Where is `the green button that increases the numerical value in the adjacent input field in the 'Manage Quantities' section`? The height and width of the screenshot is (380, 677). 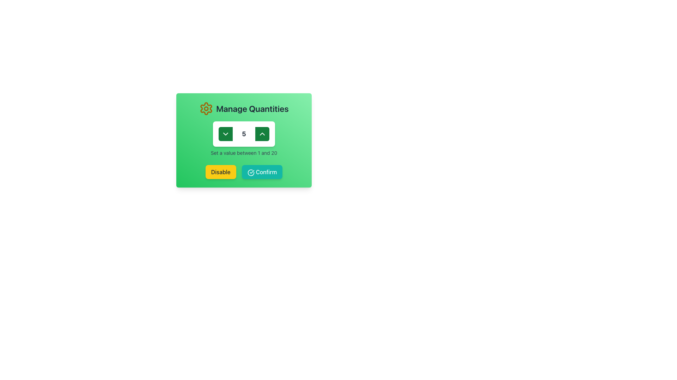 the green button that increases the numerical value in the adjacent input field in the 'Manage Quantities' section is located at coordinates (262, 134).